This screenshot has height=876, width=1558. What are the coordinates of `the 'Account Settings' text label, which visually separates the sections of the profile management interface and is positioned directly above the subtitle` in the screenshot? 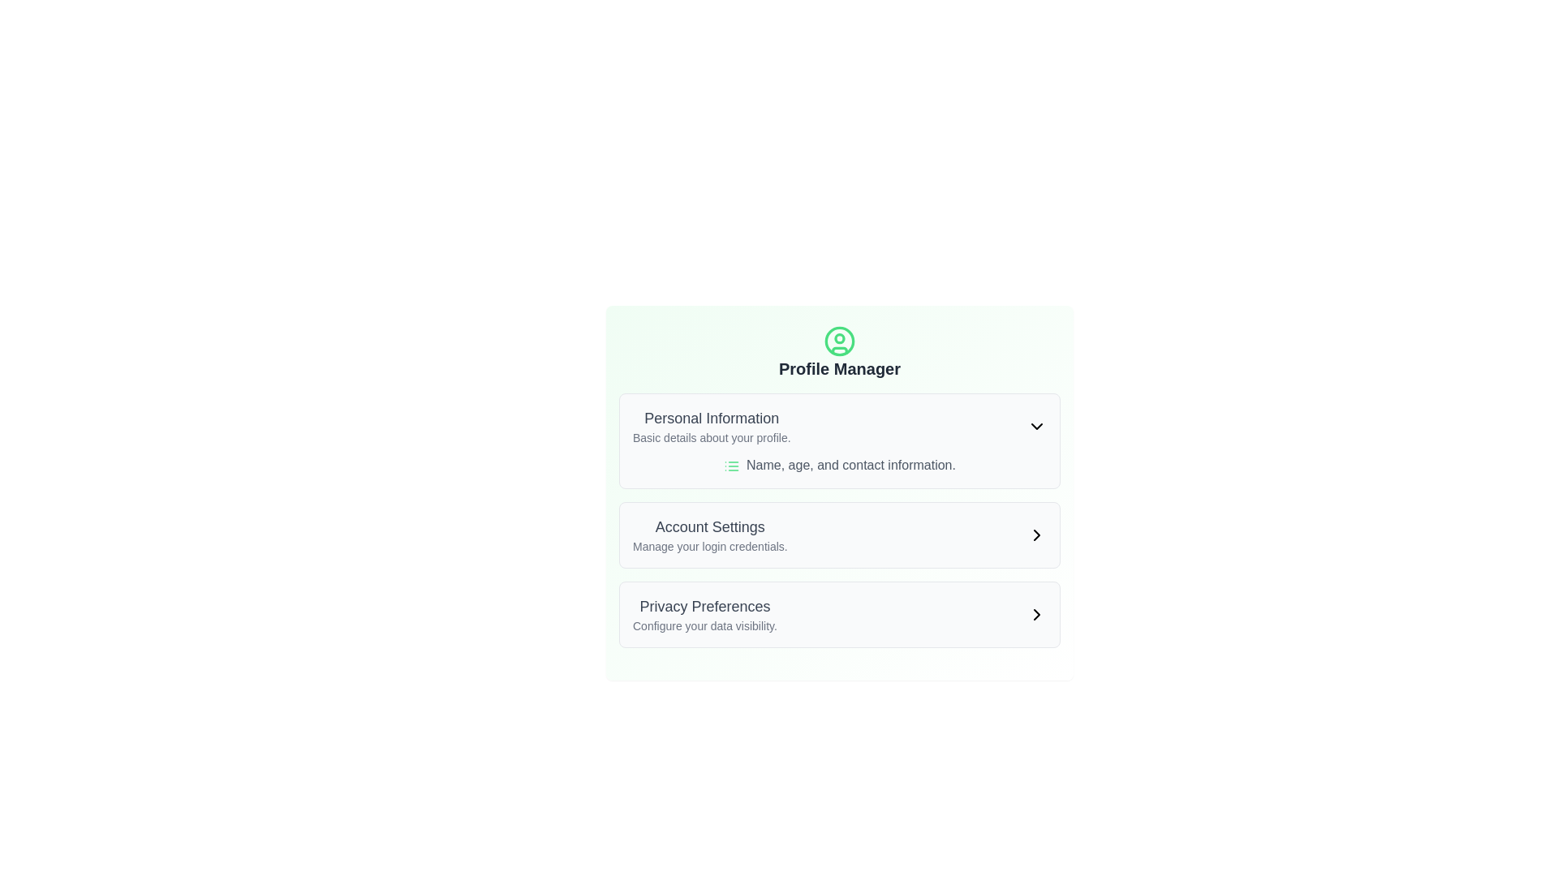 It's located at (710, 527).